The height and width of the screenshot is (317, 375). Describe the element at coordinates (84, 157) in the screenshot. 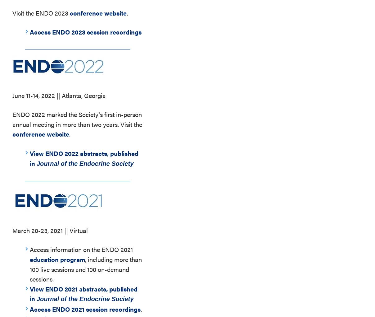

I see `'View ENDO 2022 abstracts, published in'` at that location.